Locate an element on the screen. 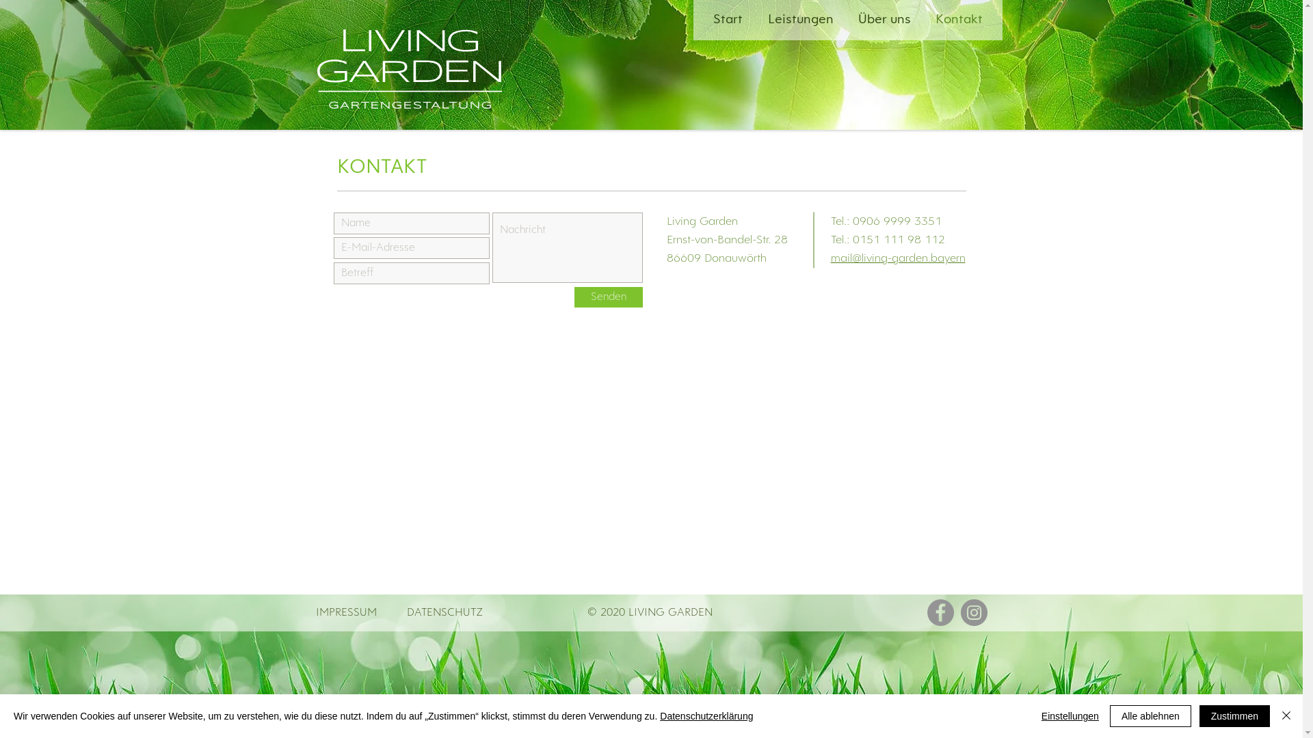  'Leistungen' is located at coordinates (801, 20).